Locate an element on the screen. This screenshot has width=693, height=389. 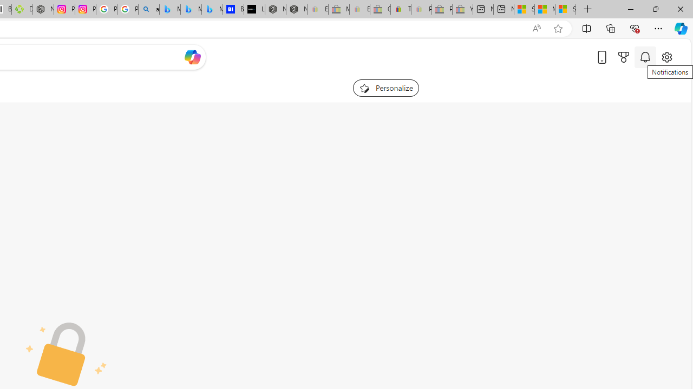
'Nordace - Nordace Edin Collection' is located at coordinates (43, 9).